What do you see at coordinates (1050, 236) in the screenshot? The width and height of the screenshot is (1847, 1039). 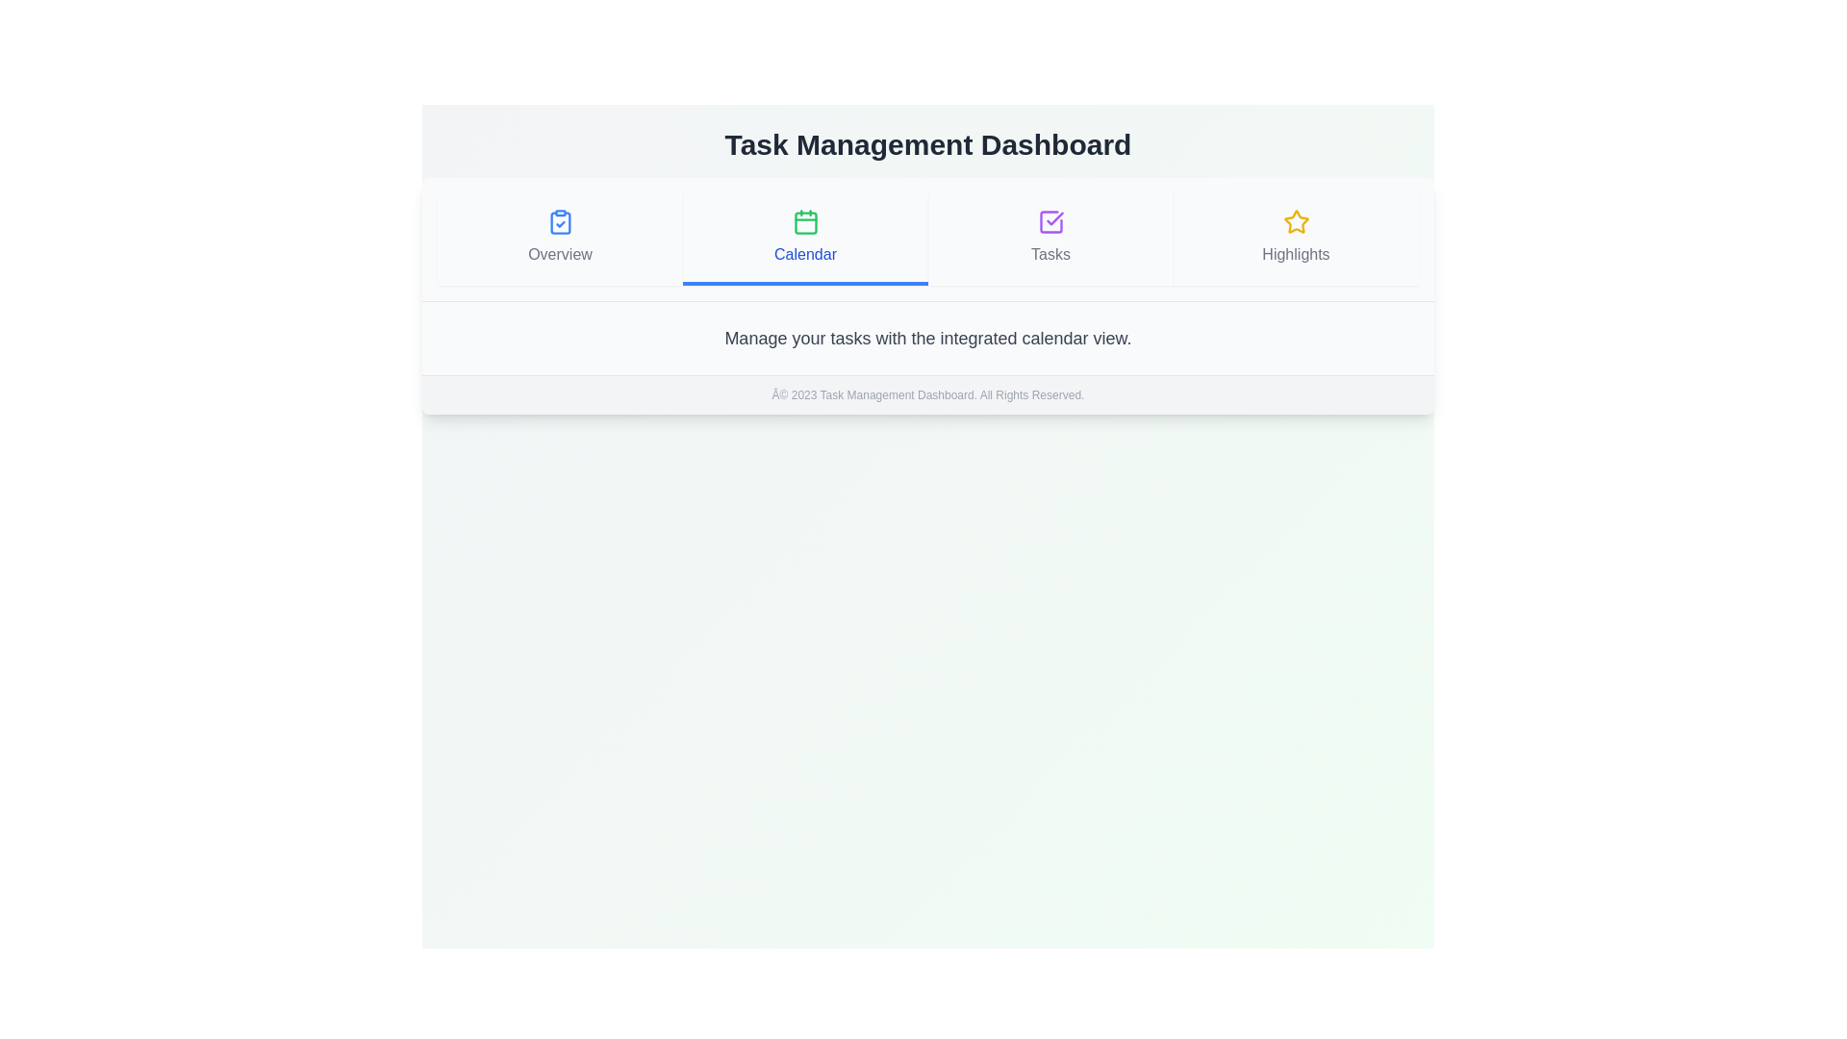 I see `the Navigation button with an icon and textual label` at bounding box center [1050, 236].